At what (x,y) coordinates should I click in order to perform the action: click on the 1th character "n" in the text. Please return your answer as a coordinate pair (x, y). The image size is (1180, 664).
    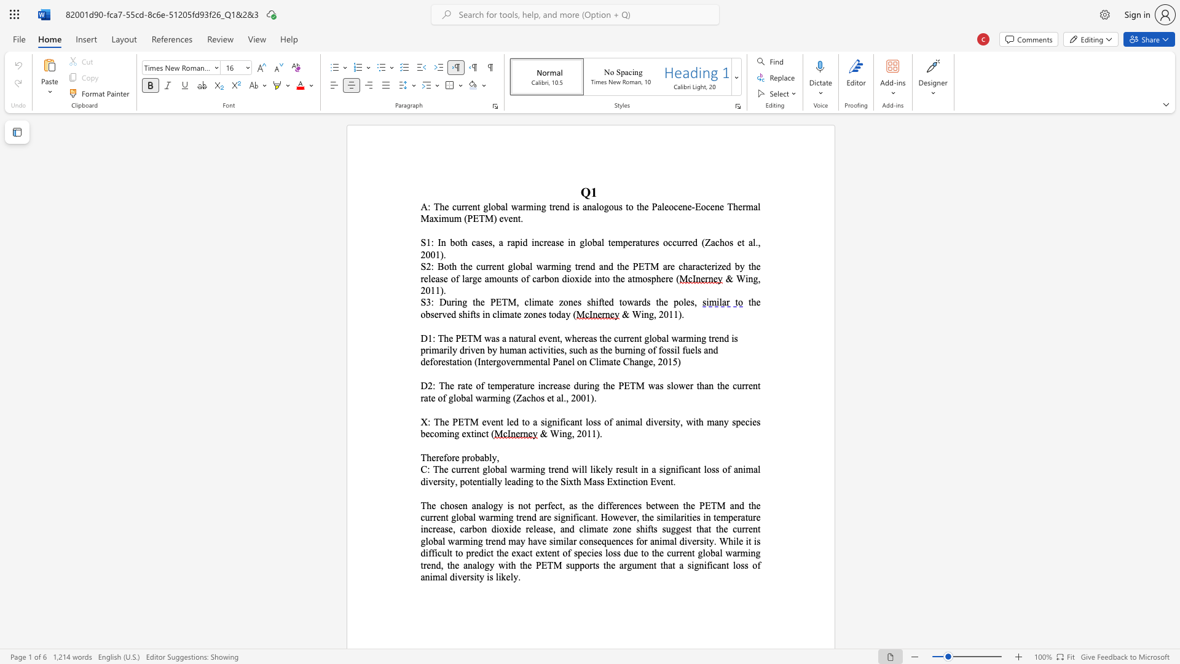
    Looking at the image, I should click on (556, 279).